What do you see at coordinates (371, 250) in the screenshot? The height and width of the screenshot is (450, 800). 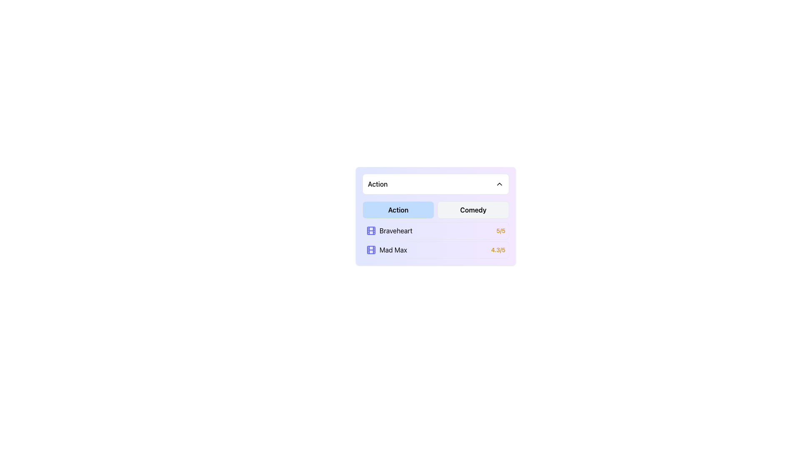 I see `the light blue rectangle with rounded corners that is part of the filmstrip icon located to the left of the 'Mad Max' text in the second row of the list` at bounding box center [371, 250].